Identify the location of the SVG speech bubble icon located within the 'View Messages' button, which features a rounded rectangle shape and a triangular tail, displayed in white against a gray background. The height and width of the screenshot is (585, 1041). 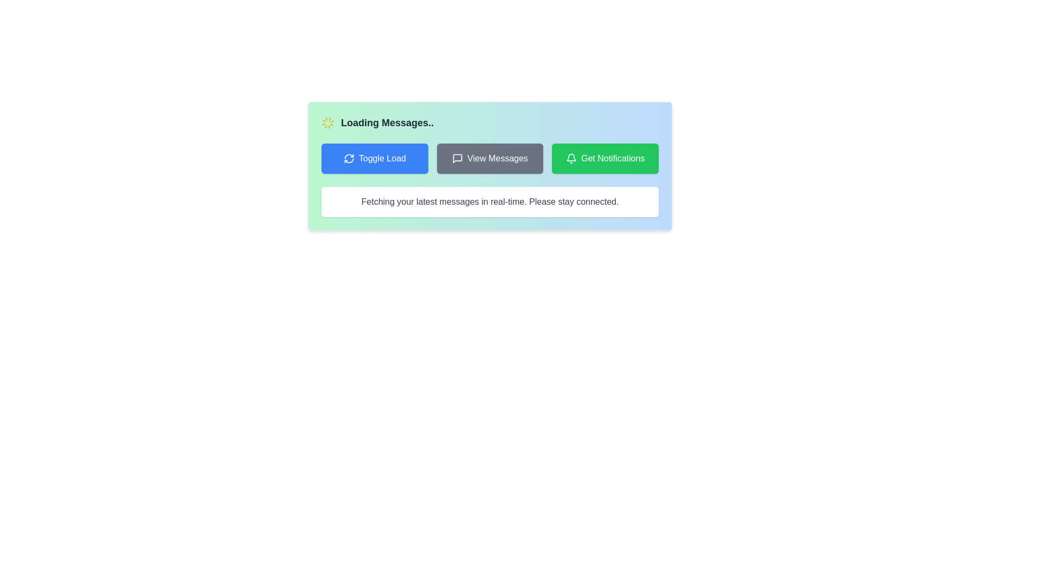
(458, 159).